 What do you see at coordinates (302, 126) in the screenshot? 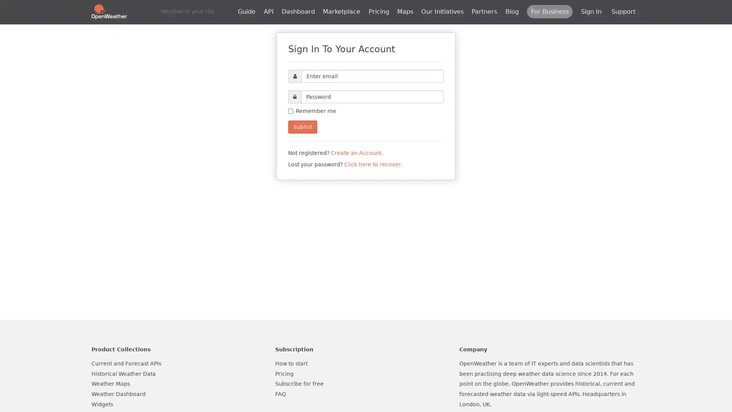
I see `Submit` at bounding box center [302, 126].